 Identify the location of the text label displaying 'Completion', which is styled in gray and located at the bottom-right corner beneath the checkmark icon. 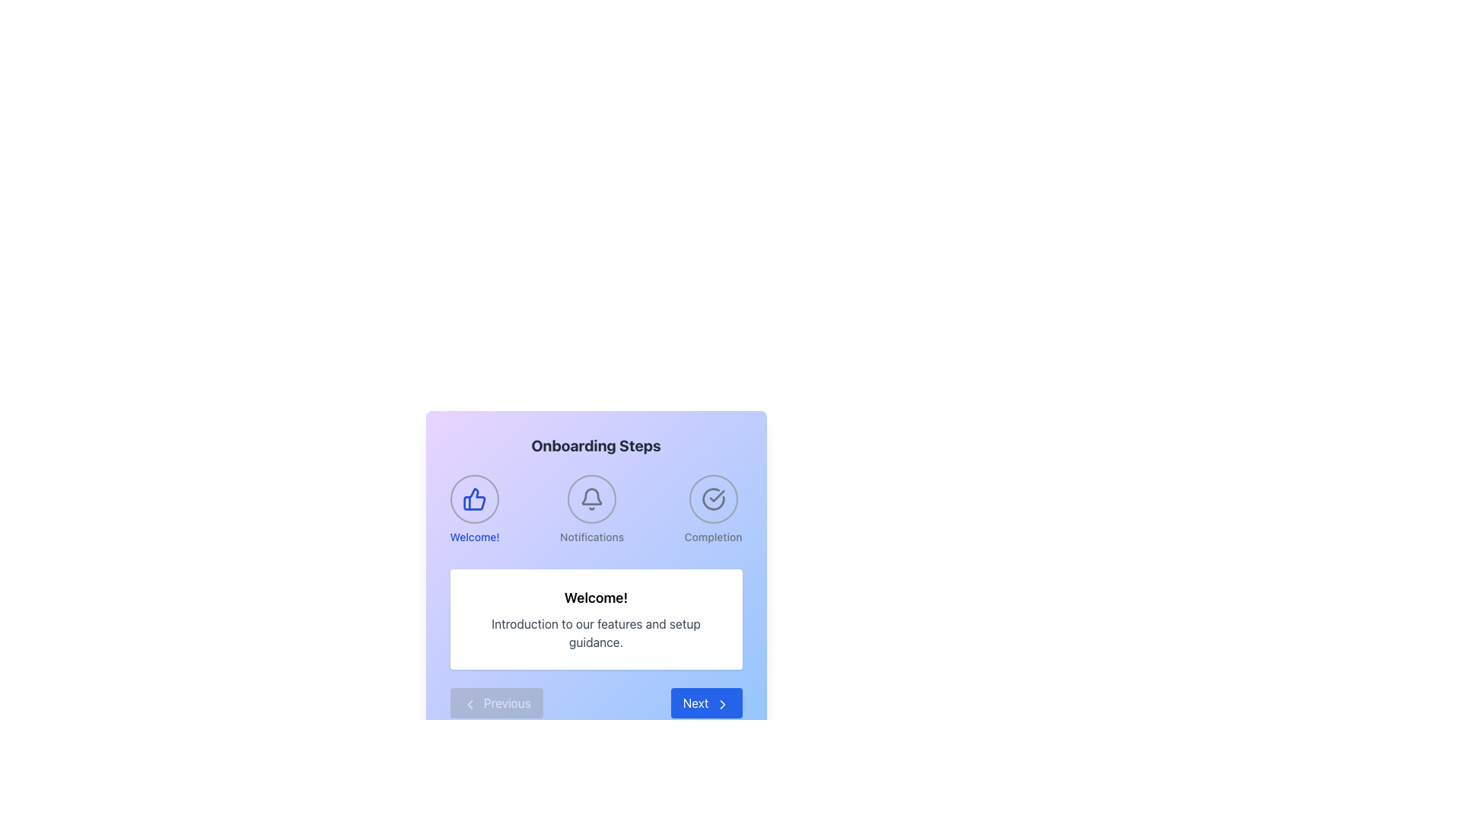
(712, 536).